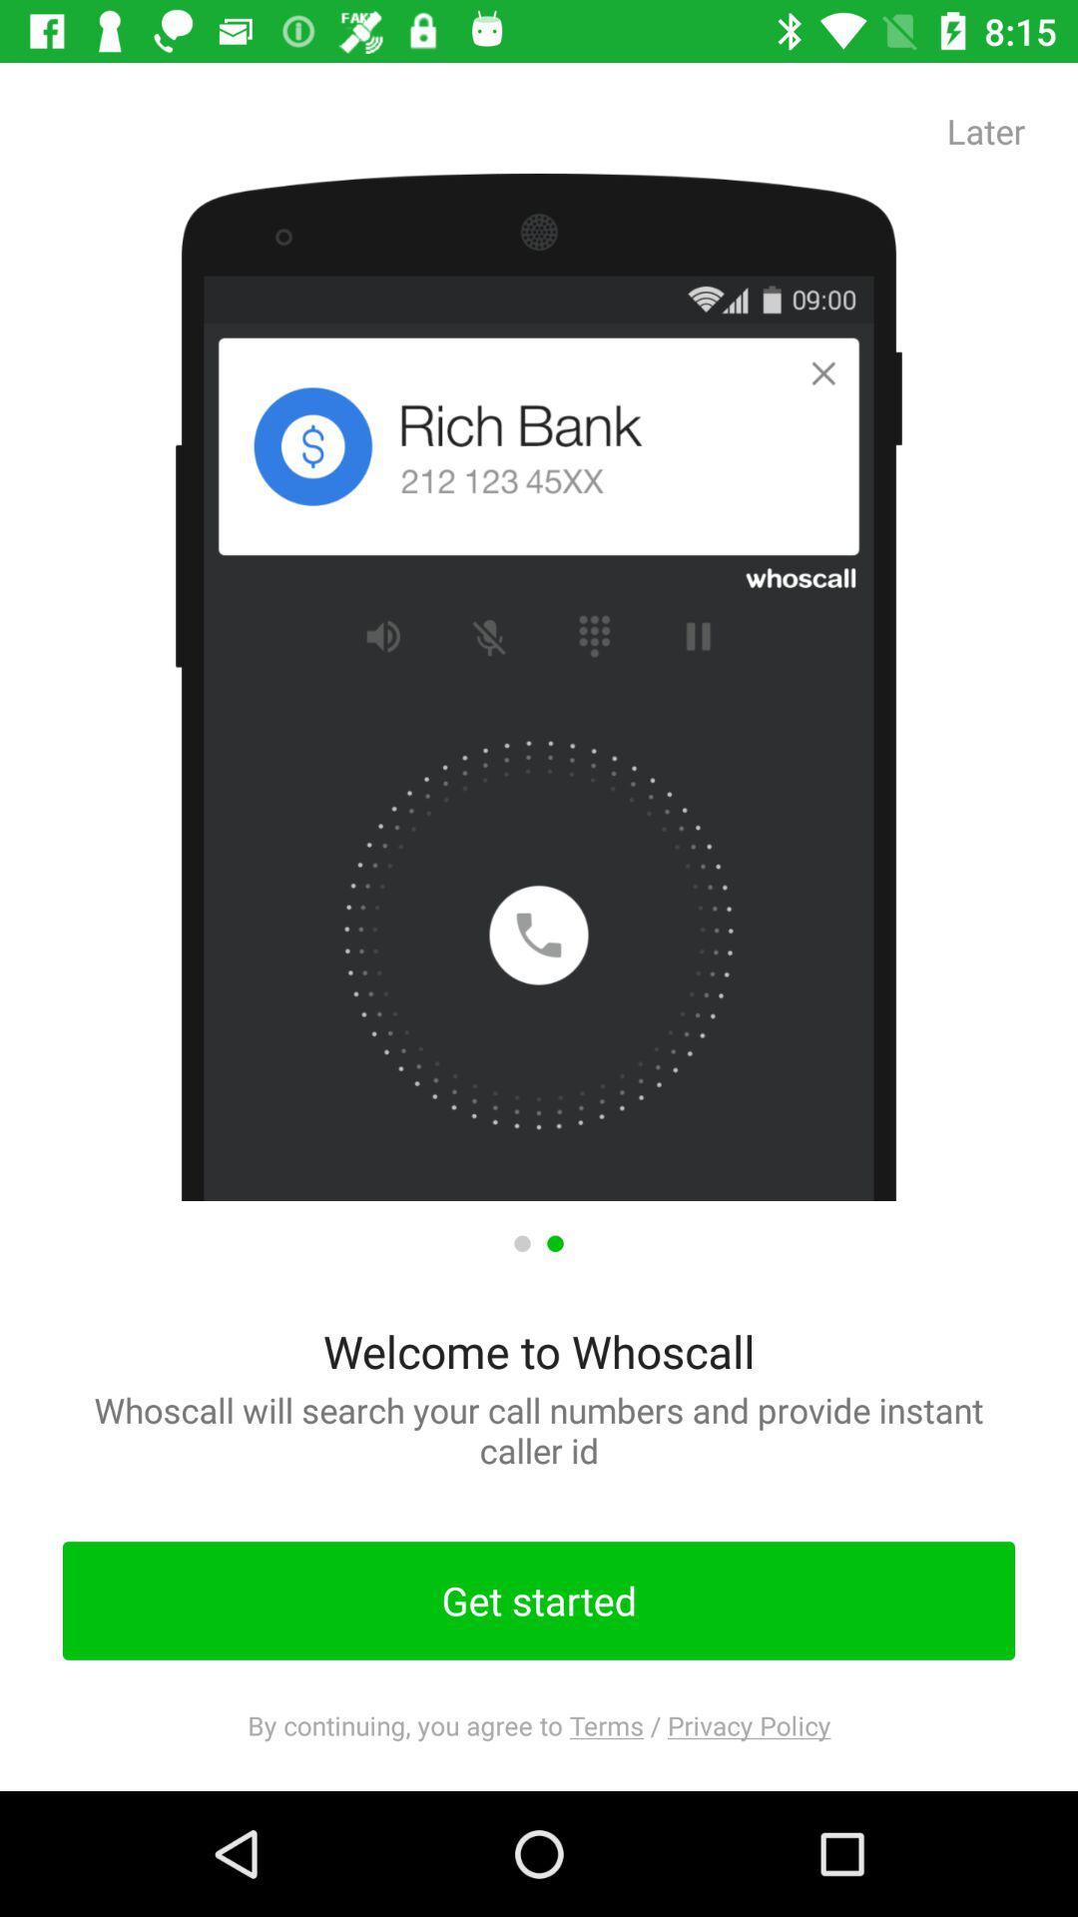  Describe the element at coordinates (985, 130) in the screenshot. I see `the later app` at that location.